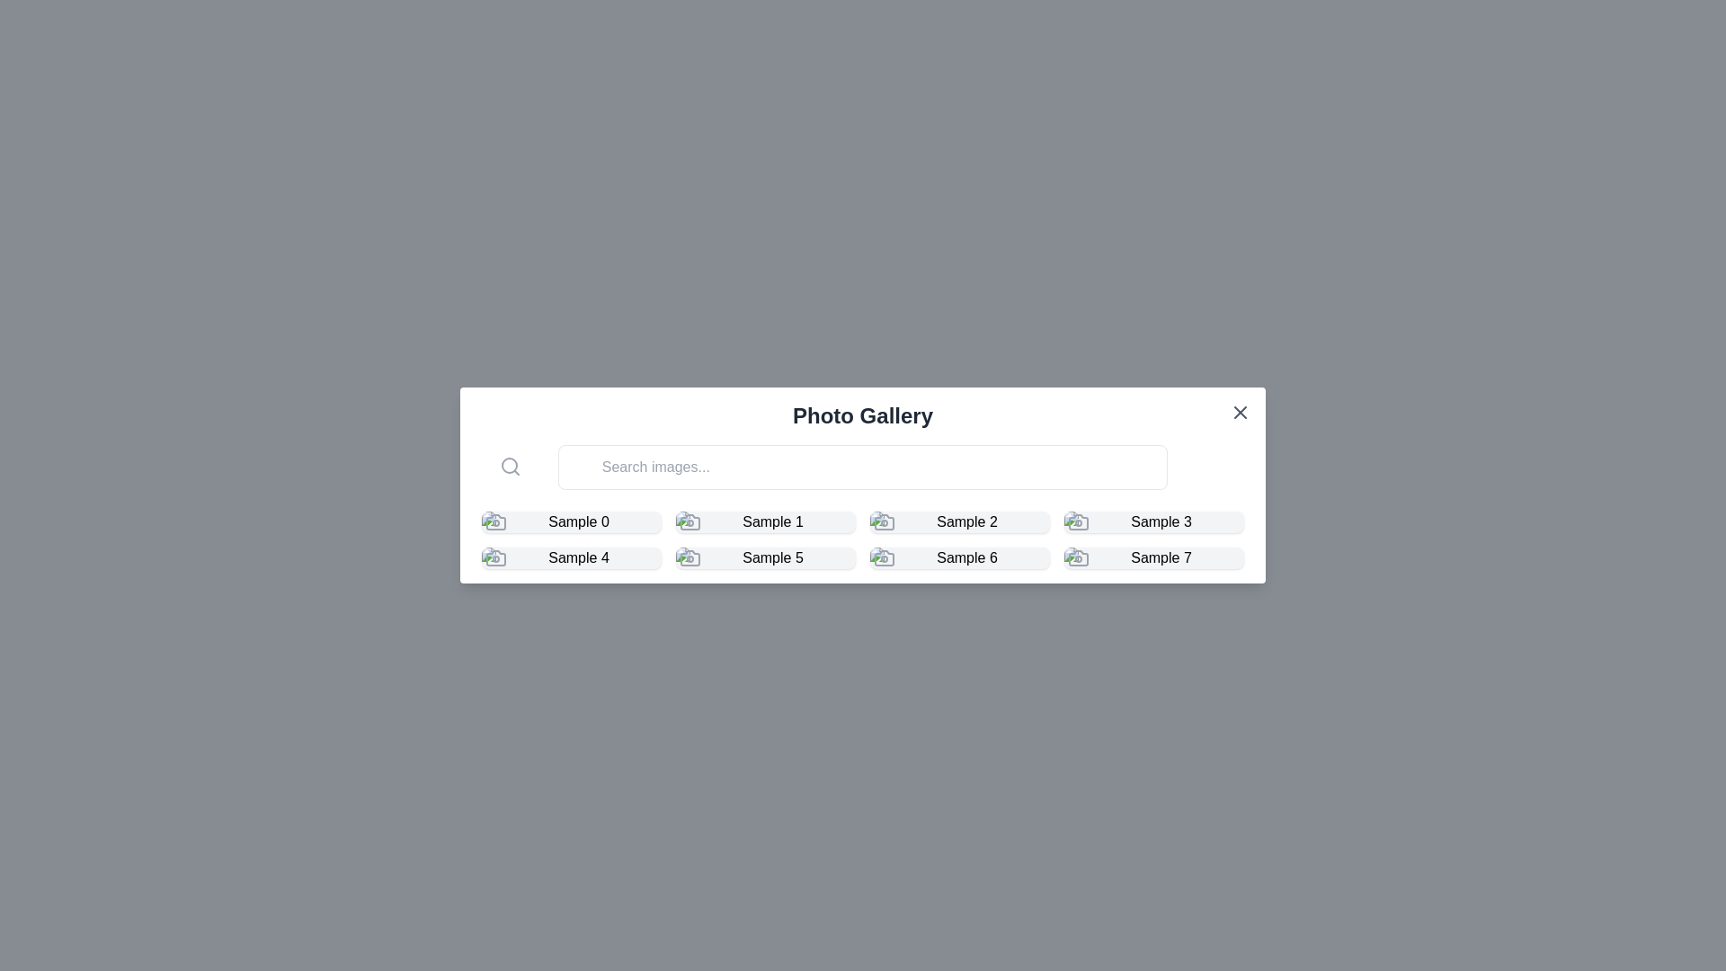 This screenshot has height=971, width=1726. What do you see at coordinates (863, 415) in the screenshot?
I see `text from the bold header labeled 'Photo Gallery', which is prominently displayed at the top-center of the user interface` at bounding box center [863, 415].